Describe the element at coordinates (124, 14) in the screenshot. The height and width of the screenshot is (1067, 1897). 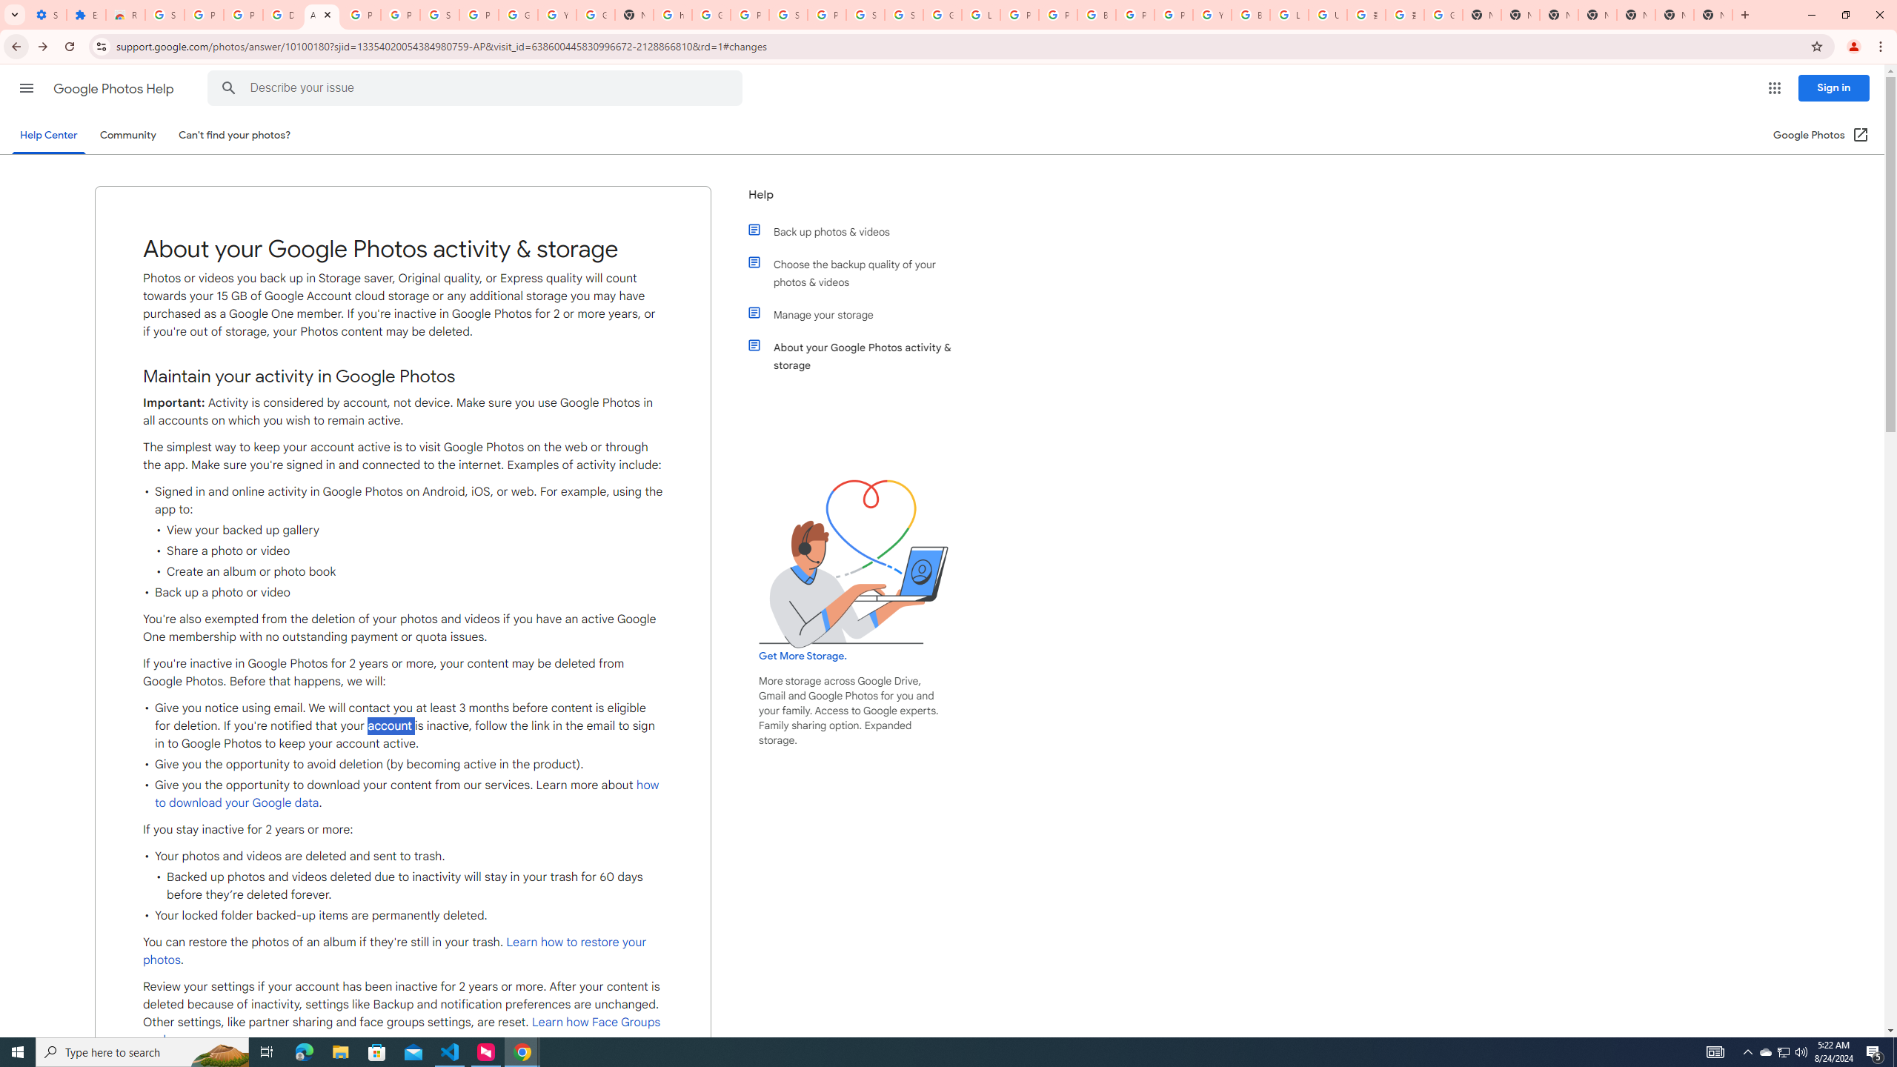
I see `'Reviews: Helix Fruit Jump Arcade Game'` at that location.